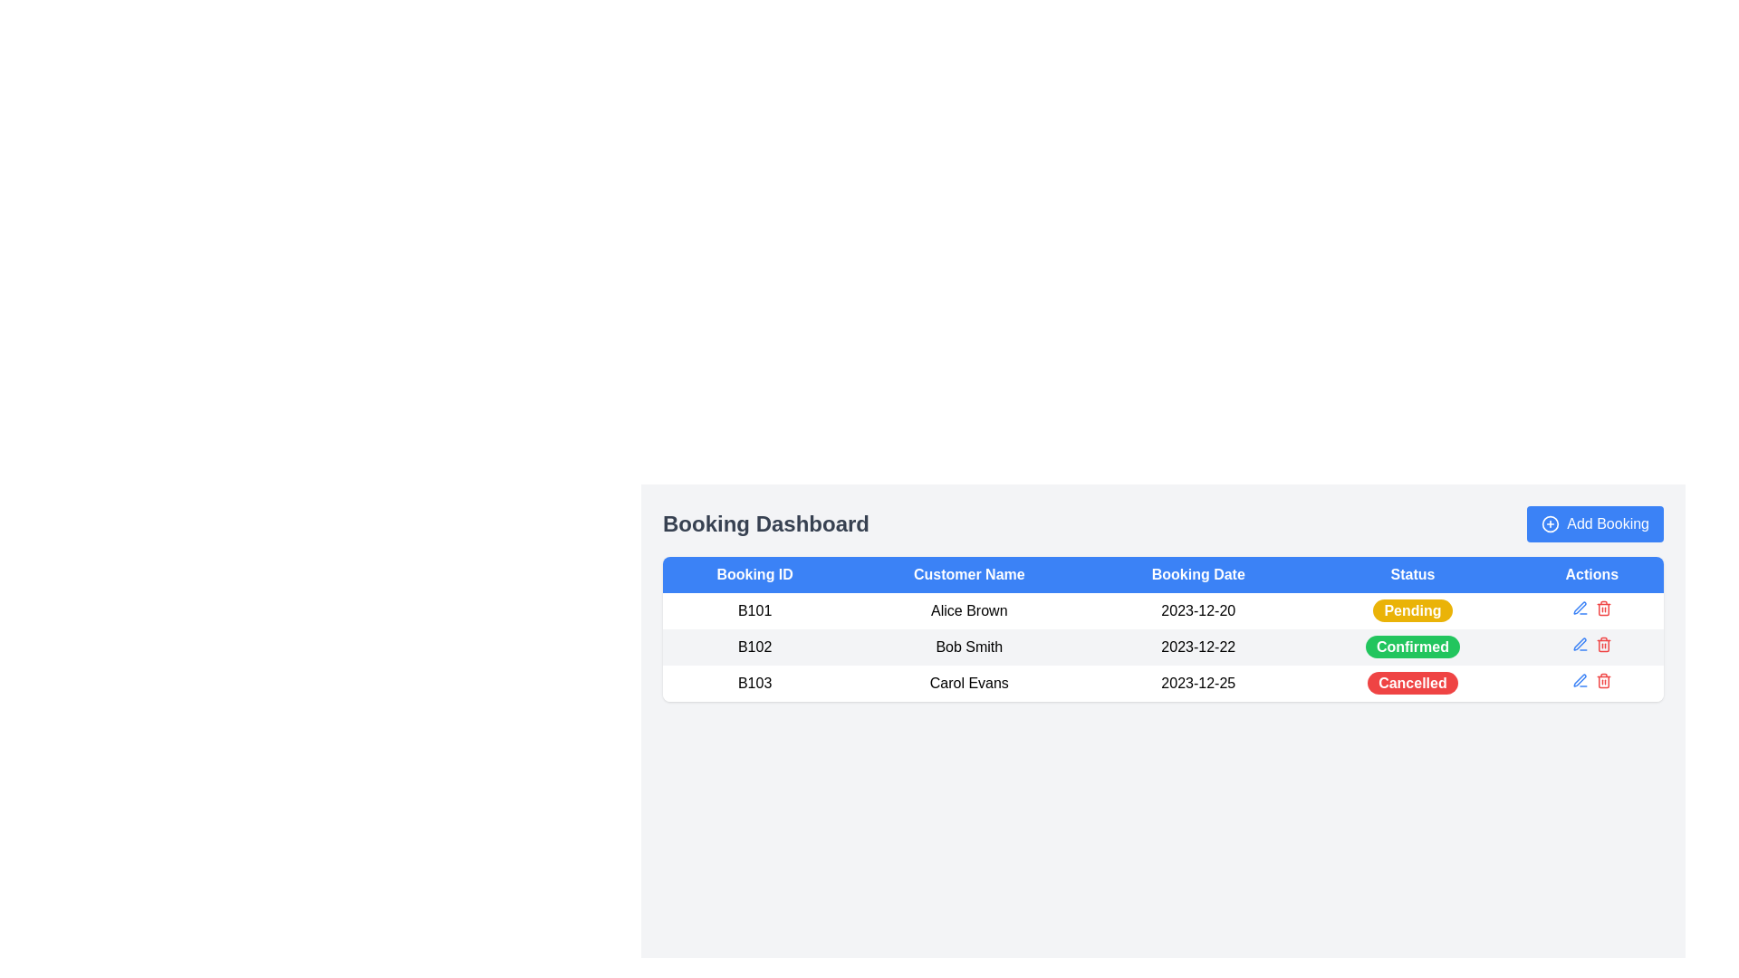  What do you see at coordinates (1579, 680) in the screenshot?
I see `the Icon Button located in the action buttons column of the third row in the table` at bounding box center [1579, 680].